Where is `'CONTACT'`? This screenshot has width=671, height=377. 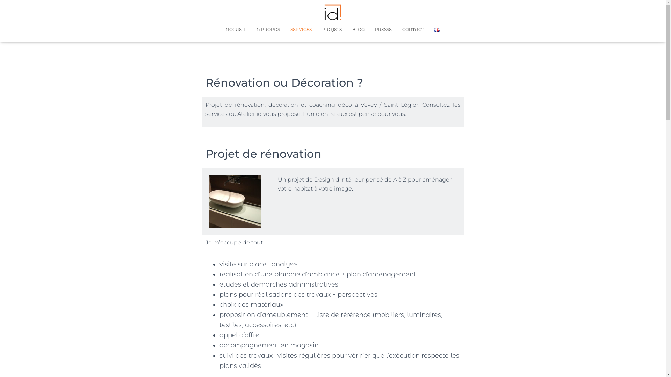 'CONTACT' is located at coordinates (413, 29).